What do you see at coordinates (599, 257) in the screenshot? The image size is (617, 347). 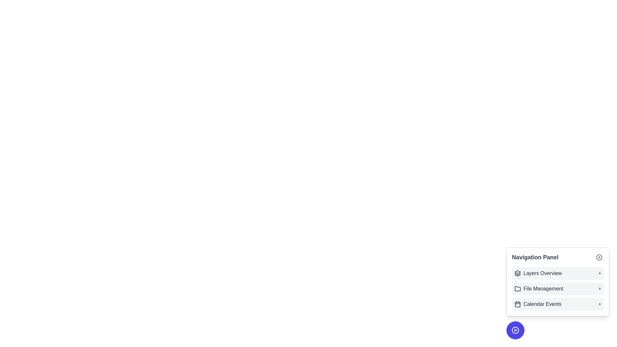 I see `the close icon button located at the far right of the header section of the 'Navigation Panel'` at bounding box center [599, 257].